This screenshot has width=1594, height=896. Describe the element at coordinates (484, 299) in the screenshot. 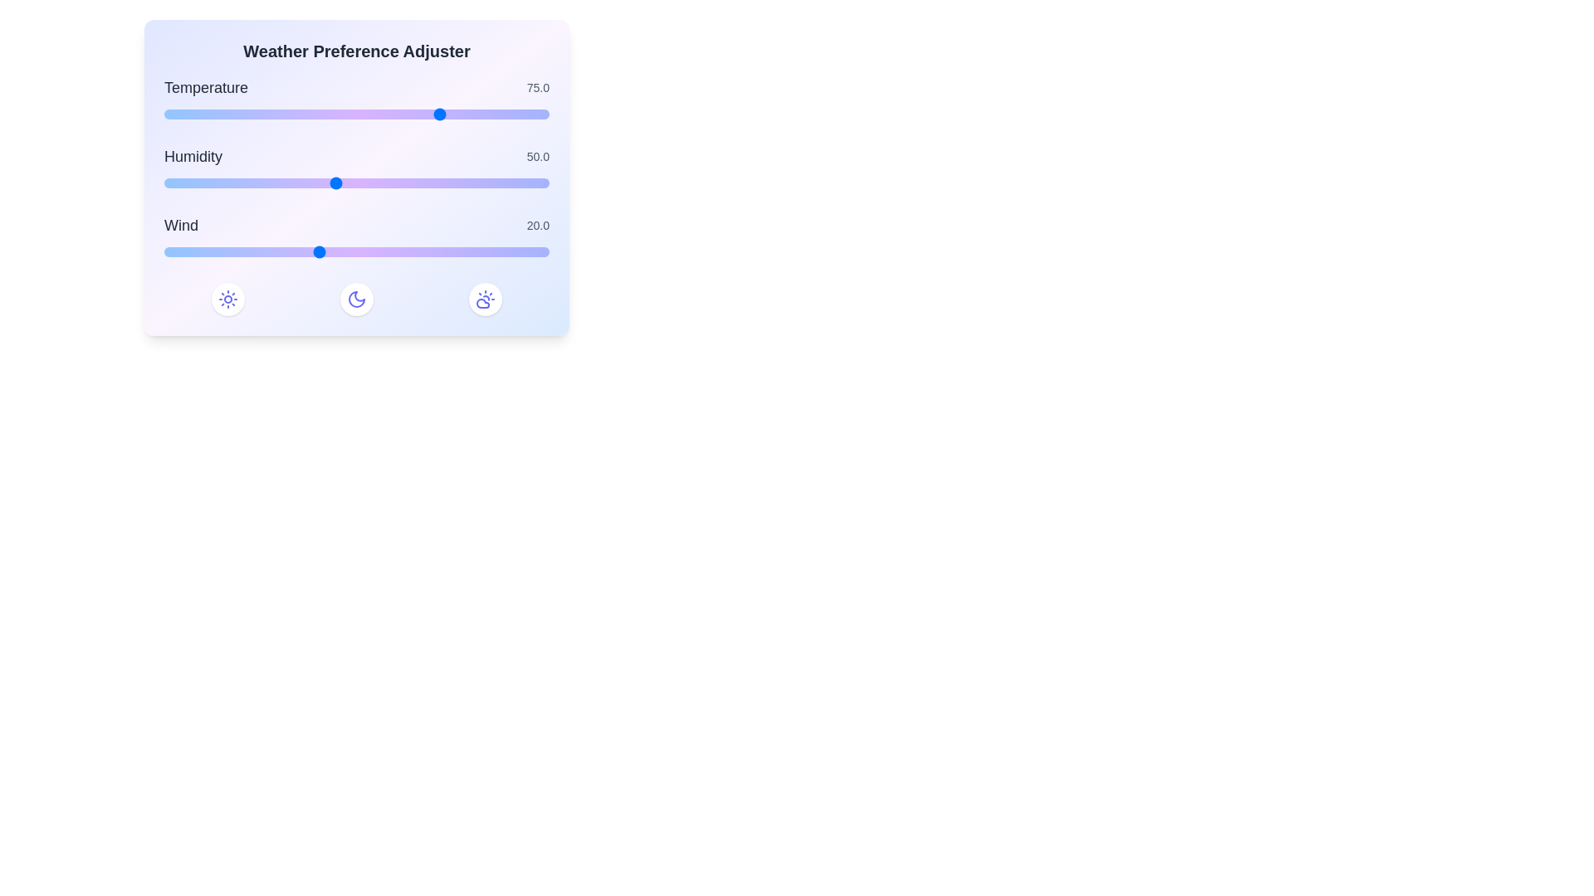

I see `the cloud and sun icon button, which is a small circular indigo icon located at the bottom-left corner of the 'Weather Preference Adjuster' card` at that location.